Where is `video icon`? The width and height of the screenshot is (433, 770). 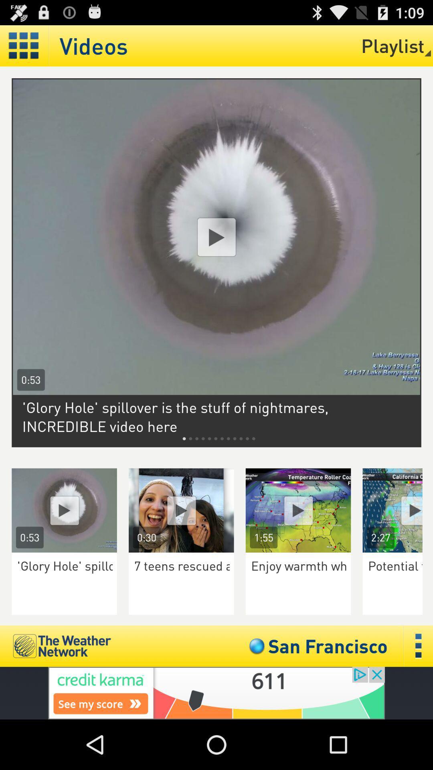 video icon is located at coordinates (64, 510).